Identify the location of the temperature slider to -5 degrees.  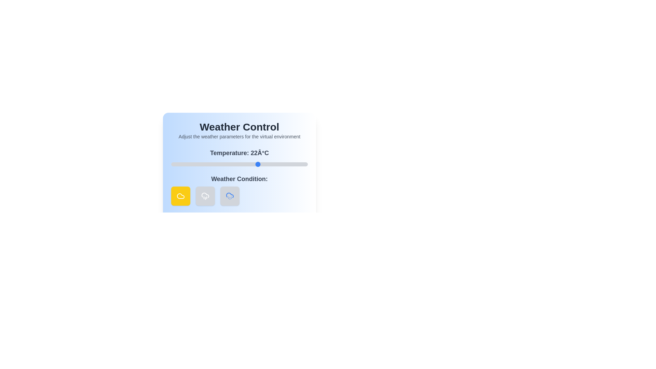
(185, 164).